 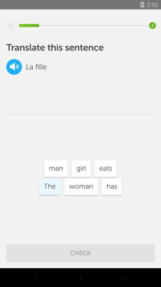 What do you see at coordinates (14, 67) in the screenshot?
I see `the volume icon` at bounding box center [14, 67].